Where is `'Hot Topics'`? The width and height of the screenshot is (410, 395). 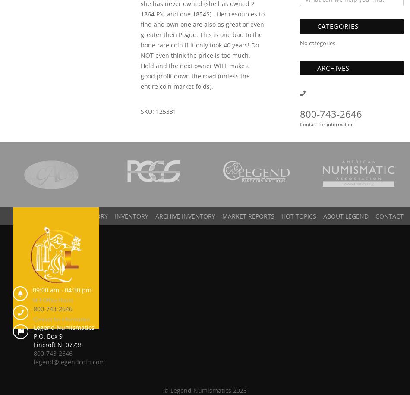
'Hot Topics' is located at coordinates (299, 216).